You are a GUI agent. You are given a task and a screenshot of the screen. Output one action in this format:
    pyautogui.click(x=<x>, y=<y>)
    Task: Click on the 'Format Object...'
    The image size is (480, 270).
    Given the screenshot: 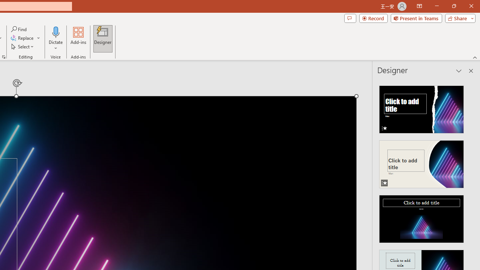 What is the action you would take?
    pyautogui.click(x=4, y=56)
    